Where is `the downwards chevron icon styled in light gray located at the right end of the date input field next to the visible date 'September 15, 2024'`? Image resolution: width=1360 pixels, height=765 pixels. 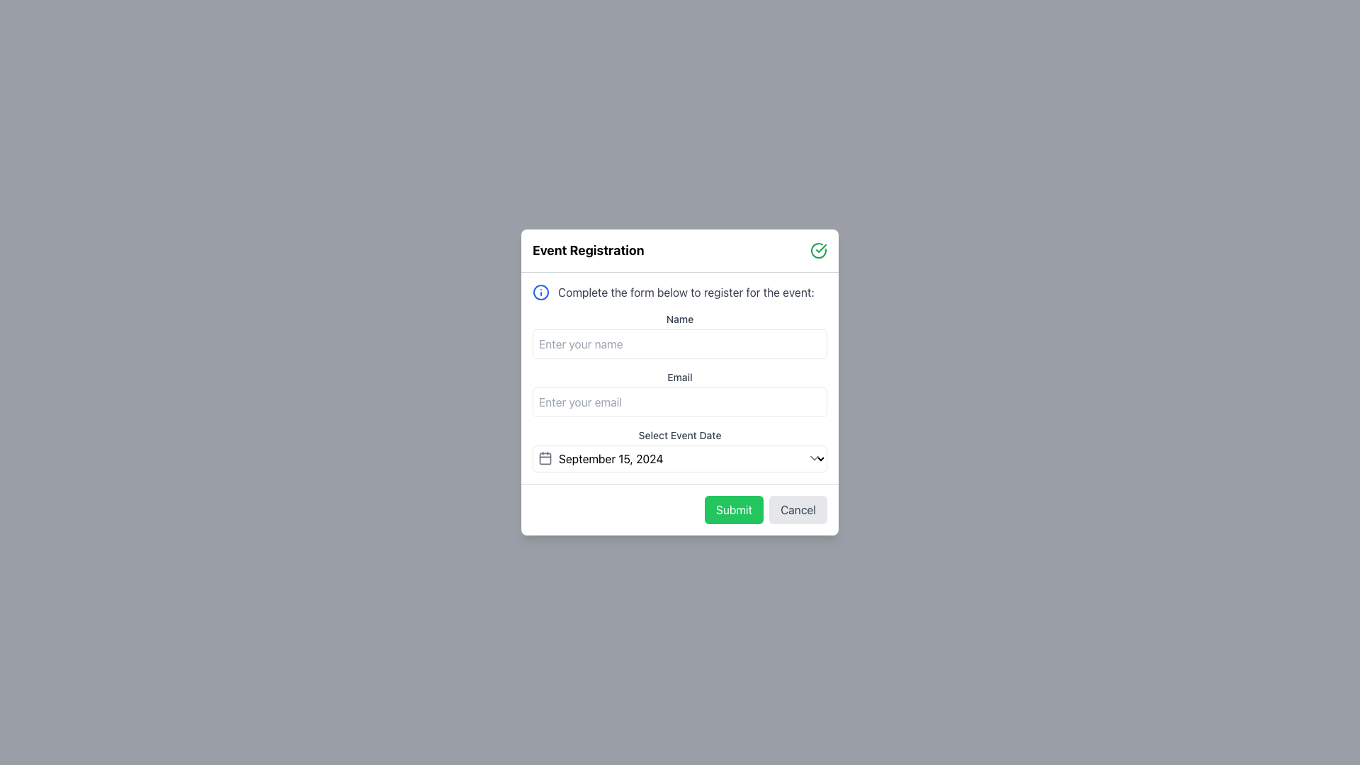
the downwards chevron icon styled in light gray located at the right end of the date input field next to the visible date 'September 15, 2024' is located at coordinates (815, 458).